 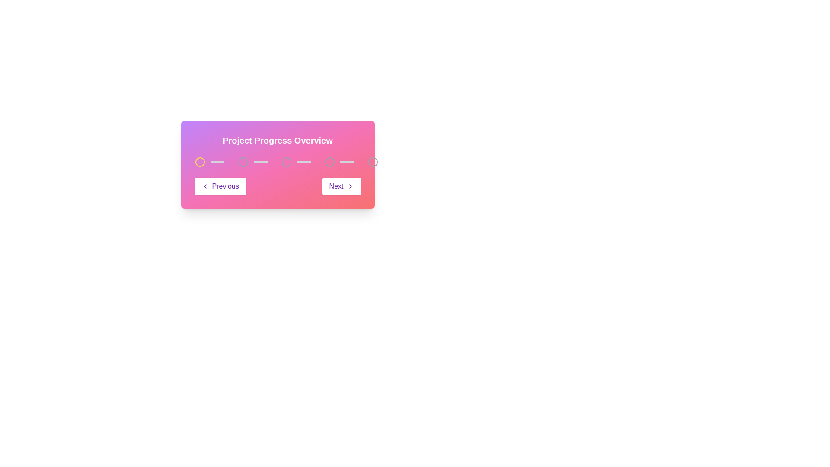 I want to click on the first SVG Circle Element in the progress bar, which indicates the initial state in a multi-step process, so click(x=243, y=162).